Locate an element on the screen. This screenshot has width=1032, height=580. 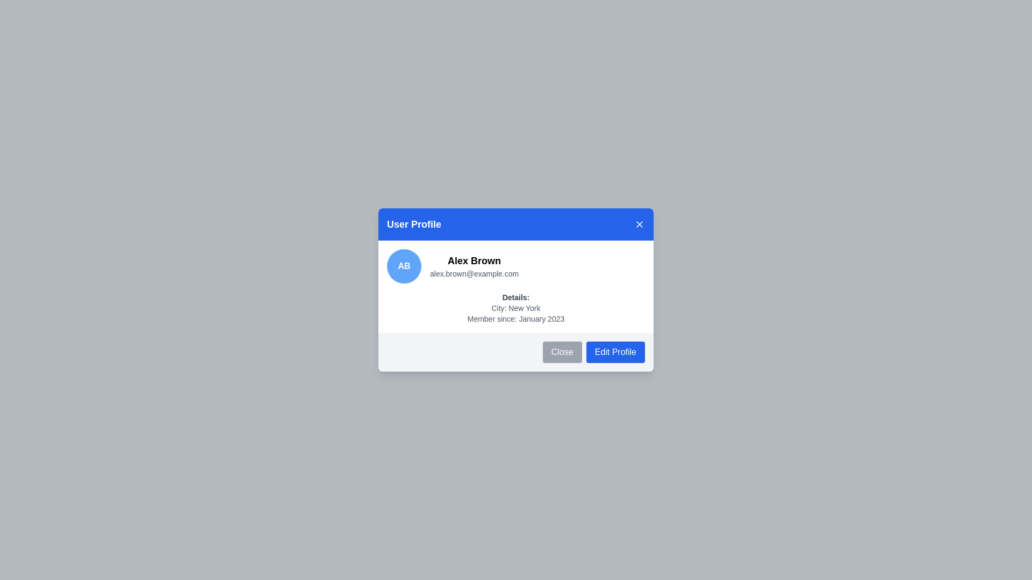
the static text display containing 'Alex Brown' and 'alex.brown@example.com', which is centrally placed within the modal window is located at coordinates (474, 266).